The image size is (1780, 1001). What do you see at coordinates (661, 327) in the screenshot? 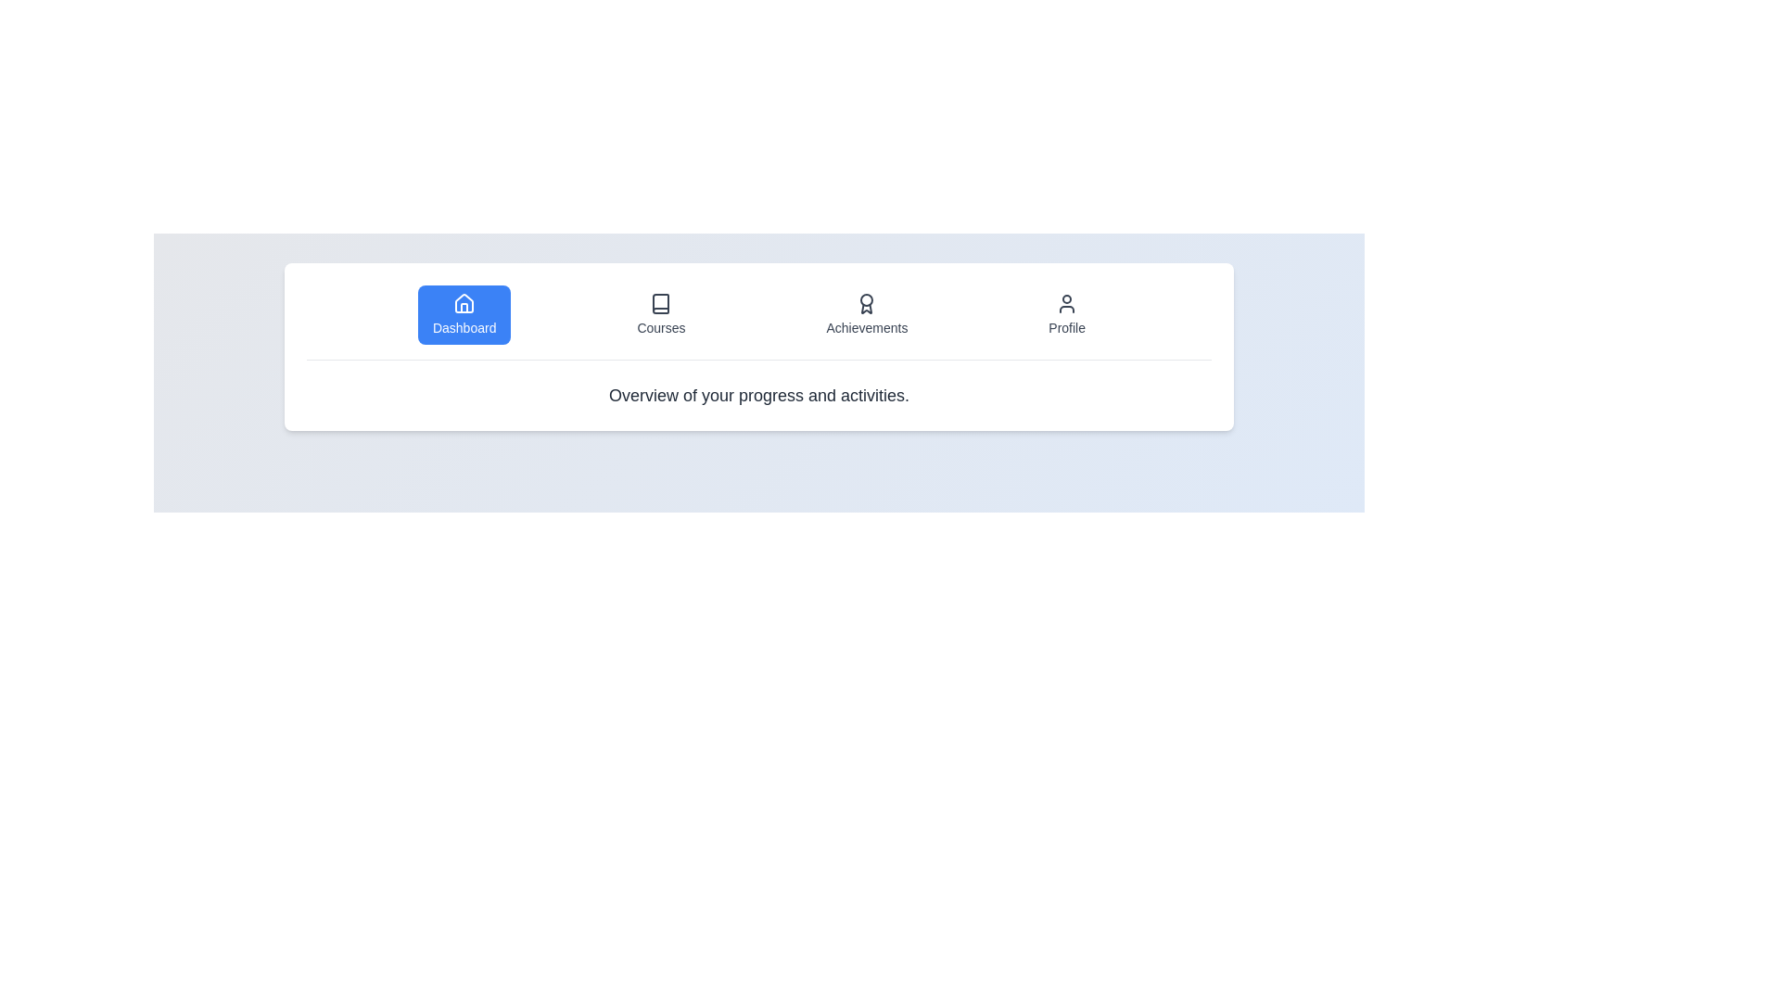
I see `text label displaying the word 'Courses', which is styled in gray and positioned beneath a book icon in the navigation bar` at bounding box center [661, 327].